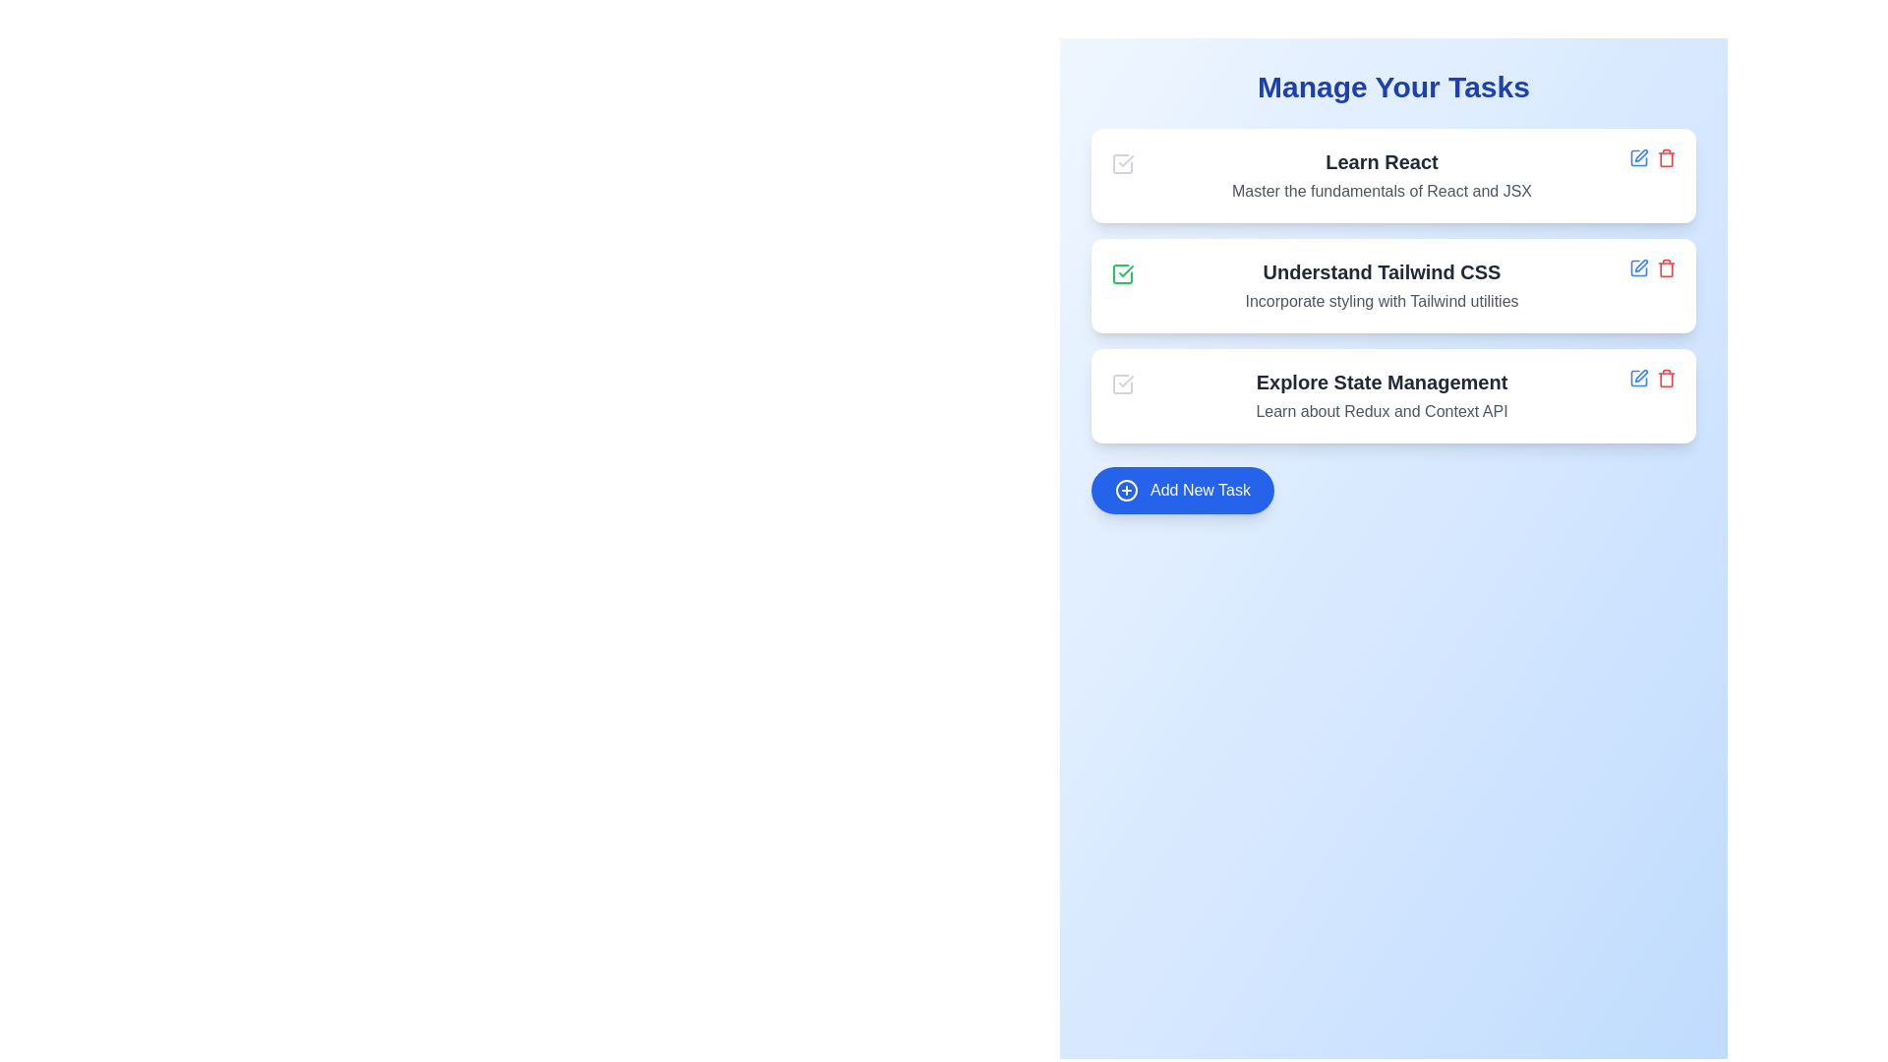 Image resolution: width=1888 pixels, height=1062 pixels. Describe the element at coordinates (1123, 273) in the screenshot. I see `the green checkbox with a checkmark inside` at that location.